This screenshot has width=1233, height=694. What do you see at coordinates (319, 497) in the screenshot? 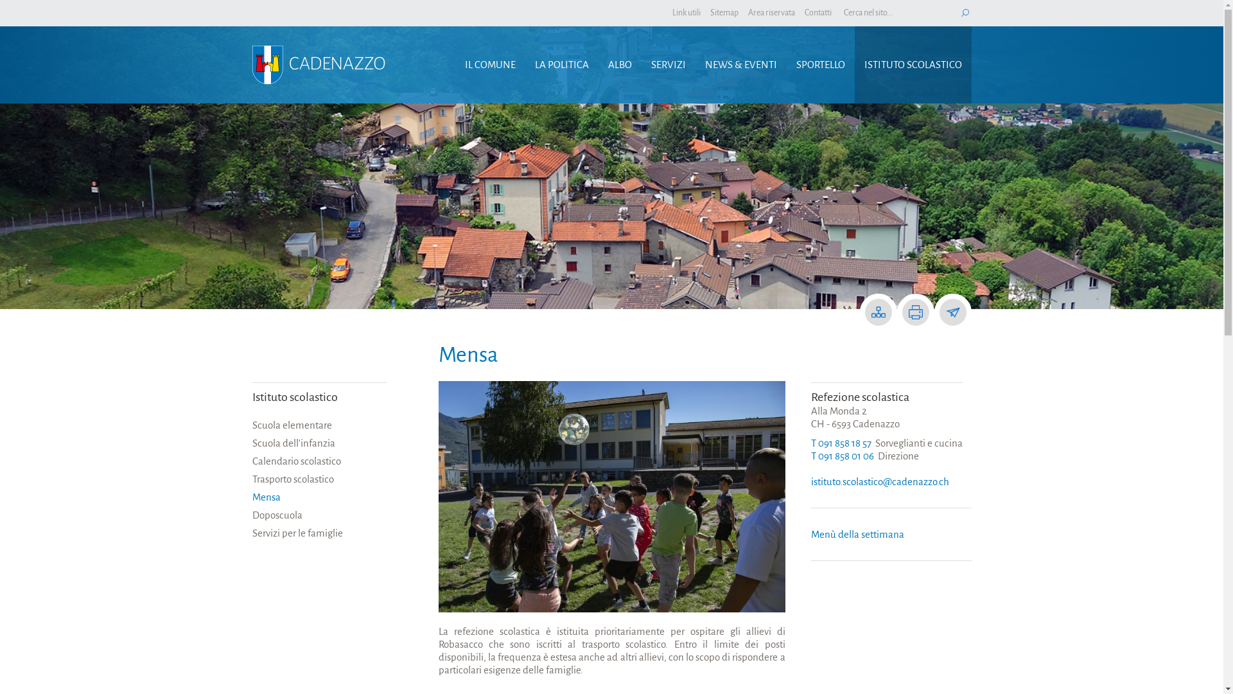
I see `'Mensa'` at bounding box center [319, 497].